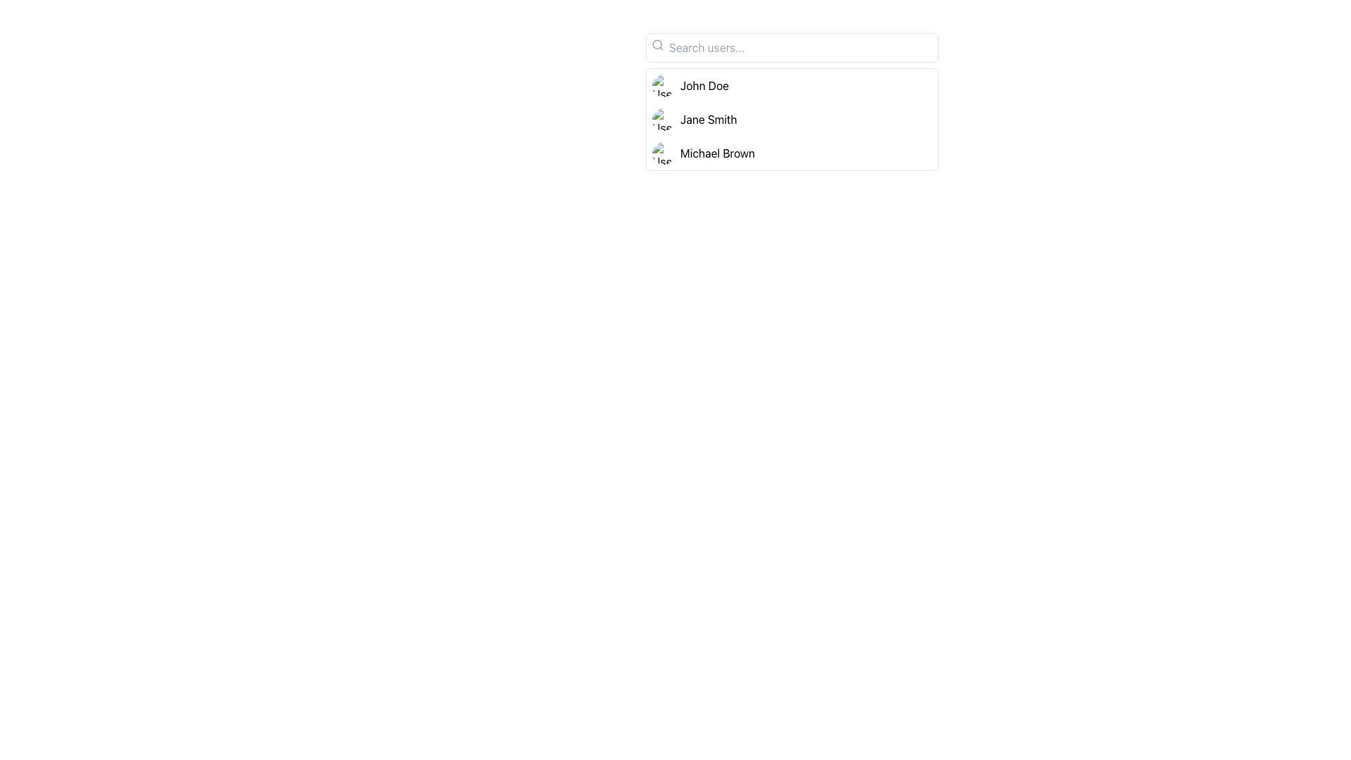 The height and width of the screenshot is (760, 1351). I want to click on the text label displaying the name 'Michael Brown' in black font, which is located on the right side of the user list interface, so click(717, 153).